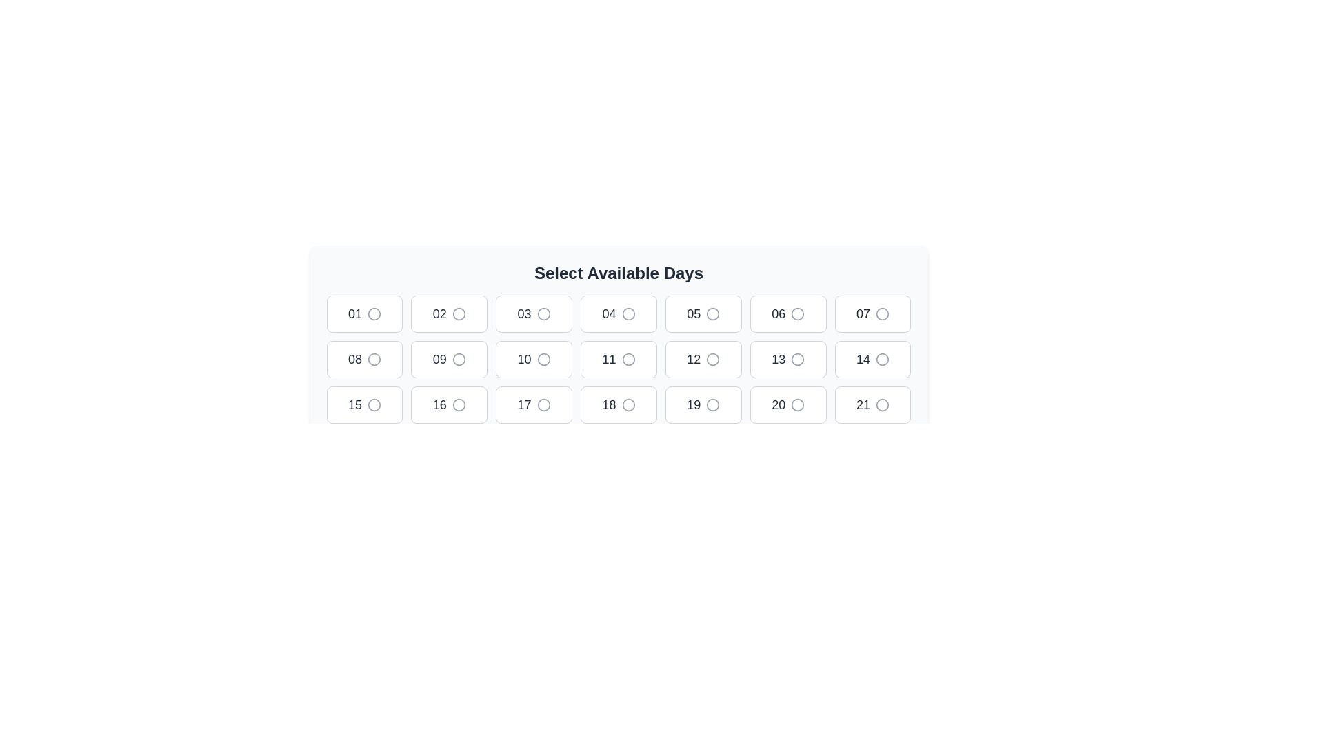 The width and height of the screenshot is (1324, 744). I want to click on the selectable day indicator button for day '18' located in the third row and fourth column of the calendar interface, so click(618, 404).